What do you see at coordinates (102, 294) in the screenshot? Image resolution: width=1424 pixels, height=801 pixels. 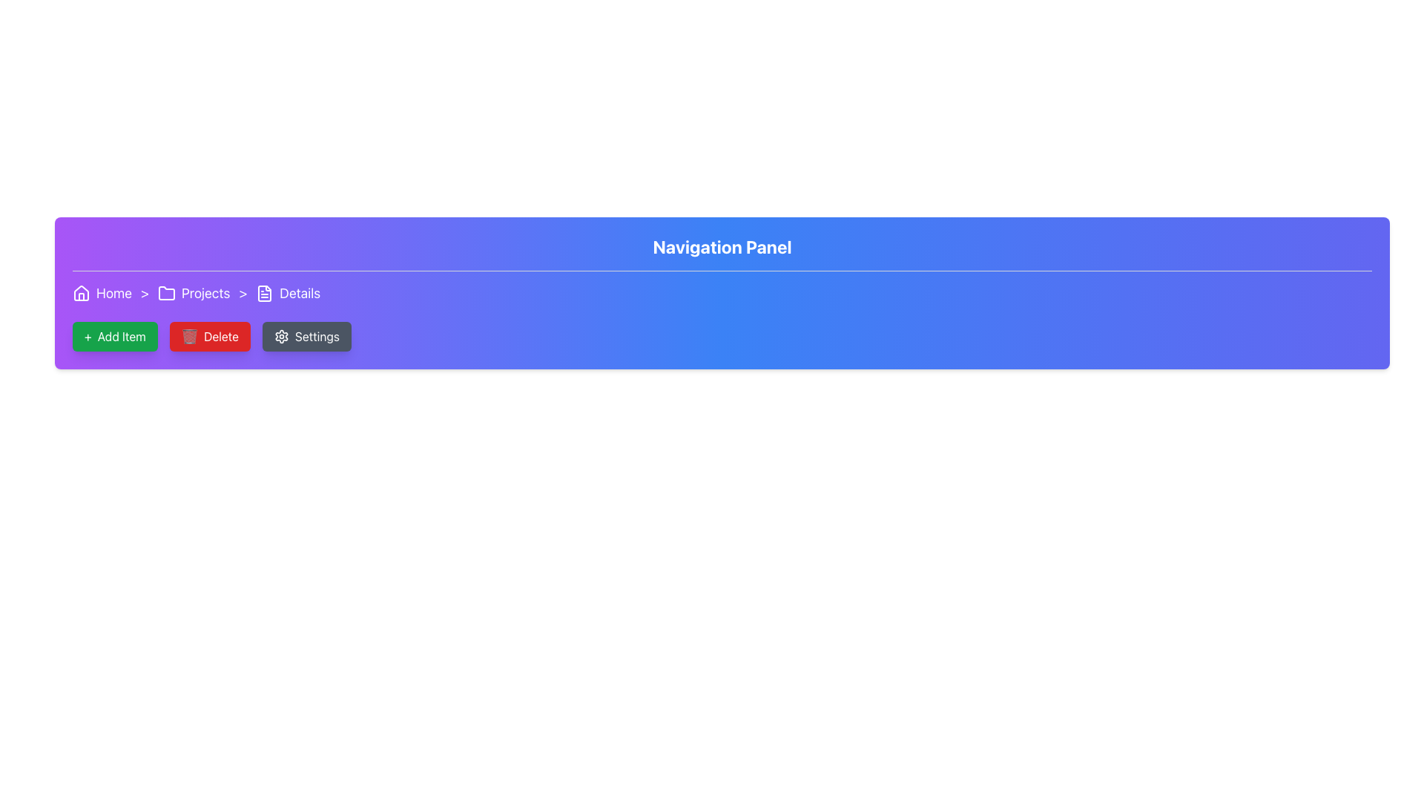 I see `the 'Home' breadcrumb item in the breadcrumb navigation bar, which is the first item on the left and indicates the main dashboard of the application` at bounding box center [102, 294].